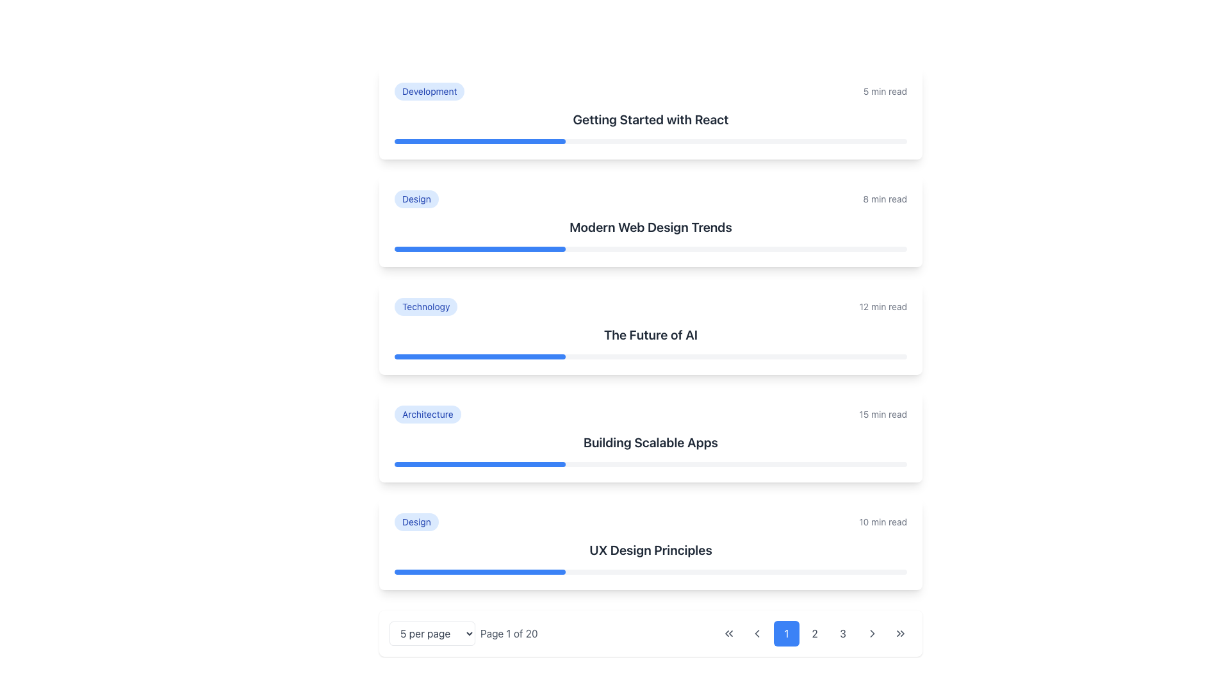 This screenshot has width=1230, height=692. What do you see at coordinates (900, 632) in the screenshot?
I see `the navigation button with a double-chevron icon pointing to the right, located at the bottom-right corner of the interface` at bounding box center [900, 632].